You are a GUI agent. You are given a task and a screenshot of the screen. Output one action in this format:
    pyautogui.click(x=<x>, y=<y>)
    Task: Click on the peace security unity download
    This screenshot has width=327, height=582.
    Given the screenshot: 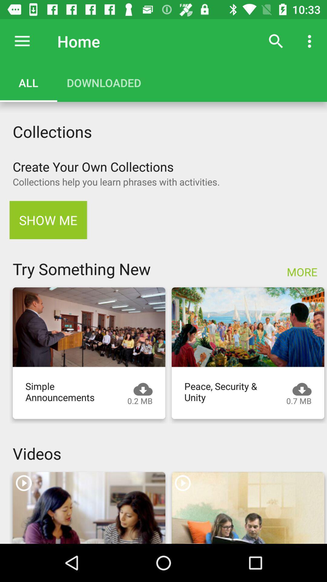 What is the action you would take?
    pyautogui.click(x=248, y=327)
    